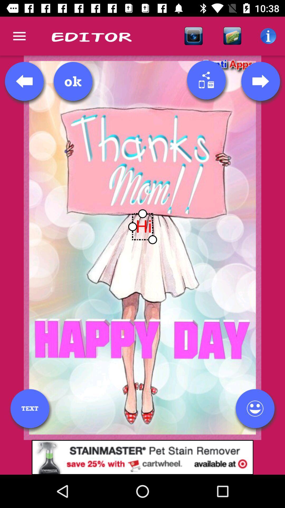  What do you see at coordinates (24, 81) in the screenshot?
I see `the arrow_backward icon` at bounding box center [24, 81].